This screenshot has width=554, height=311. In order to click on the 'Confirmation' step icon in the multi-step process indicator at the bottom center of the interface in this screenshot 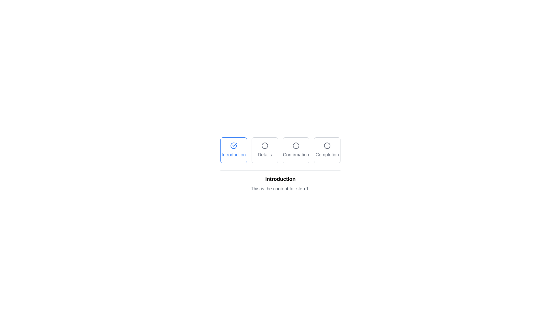, I will do `click(296, 145)`.